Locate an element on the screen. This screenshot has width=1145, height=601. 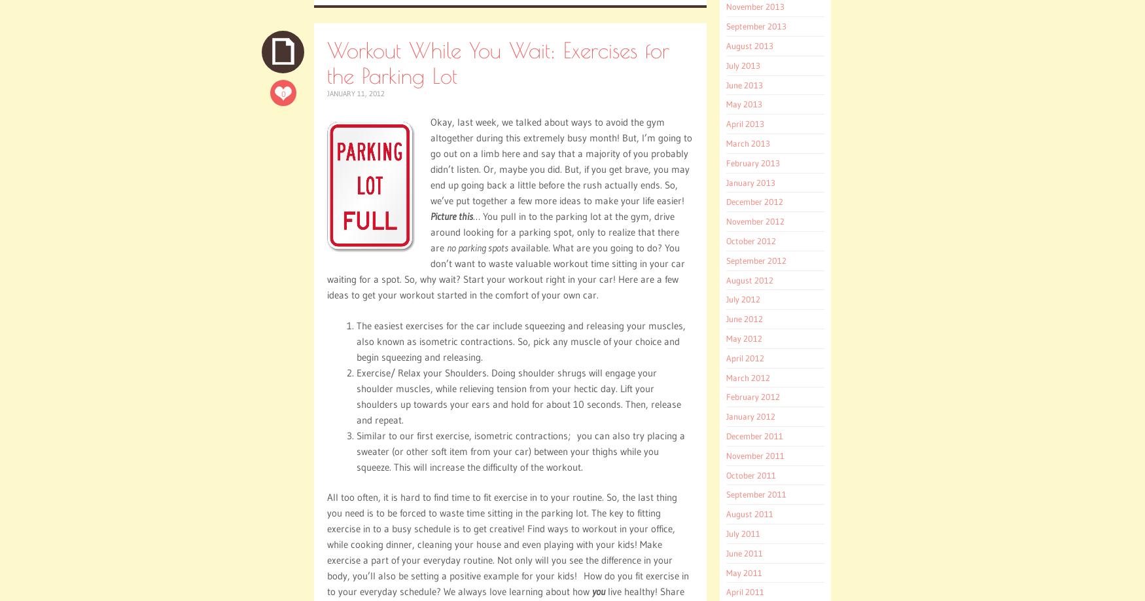
'January 2013' is located at coordinates (750, 181).